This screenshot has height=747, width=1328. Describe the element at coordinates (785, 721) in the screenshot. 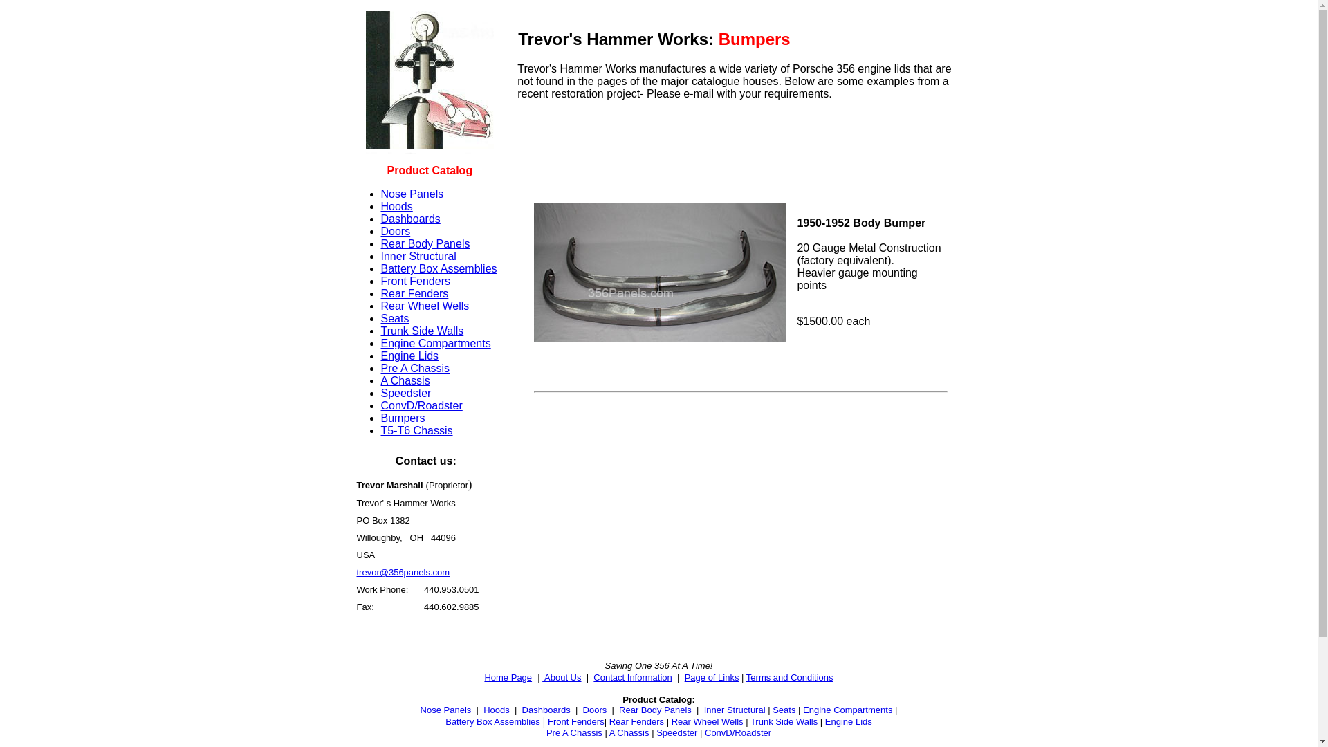

I see `'Trunk Side Walls'` at that location.